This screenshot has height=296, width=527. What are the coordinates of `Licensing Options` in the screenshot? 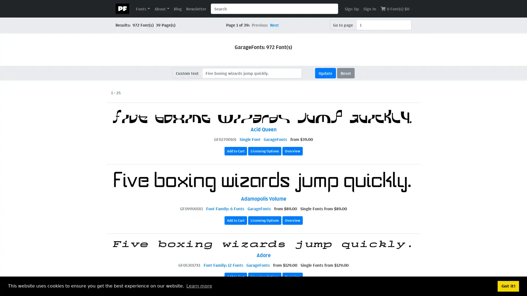 It's located at (264, 151).